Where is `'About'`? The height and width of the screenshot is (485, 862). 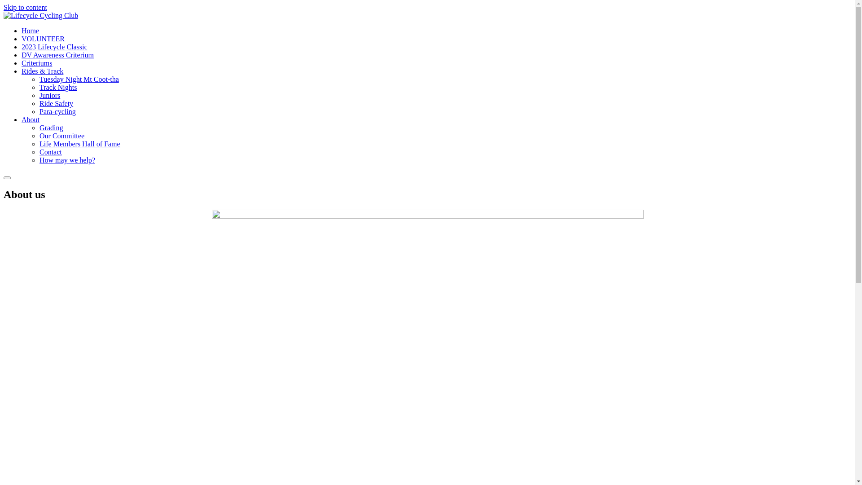
'About' is located at coordinates (30, 119).